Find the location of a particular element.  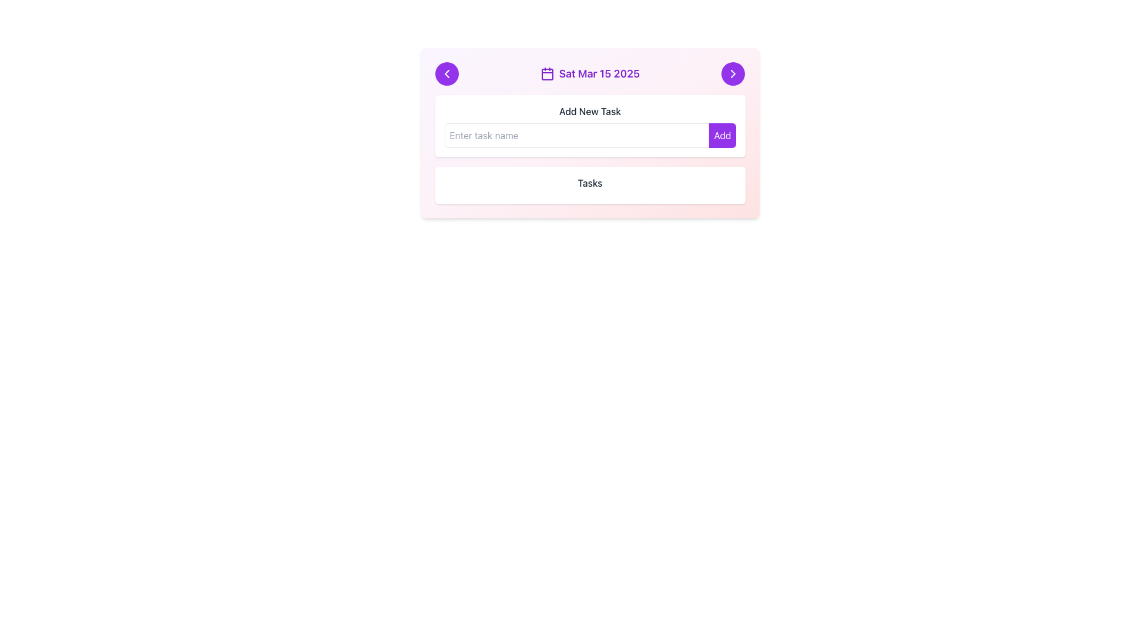

the right-facing chevron icon with a purple circular background located at the top right corner of the interface is located at coordinates (733, 74).